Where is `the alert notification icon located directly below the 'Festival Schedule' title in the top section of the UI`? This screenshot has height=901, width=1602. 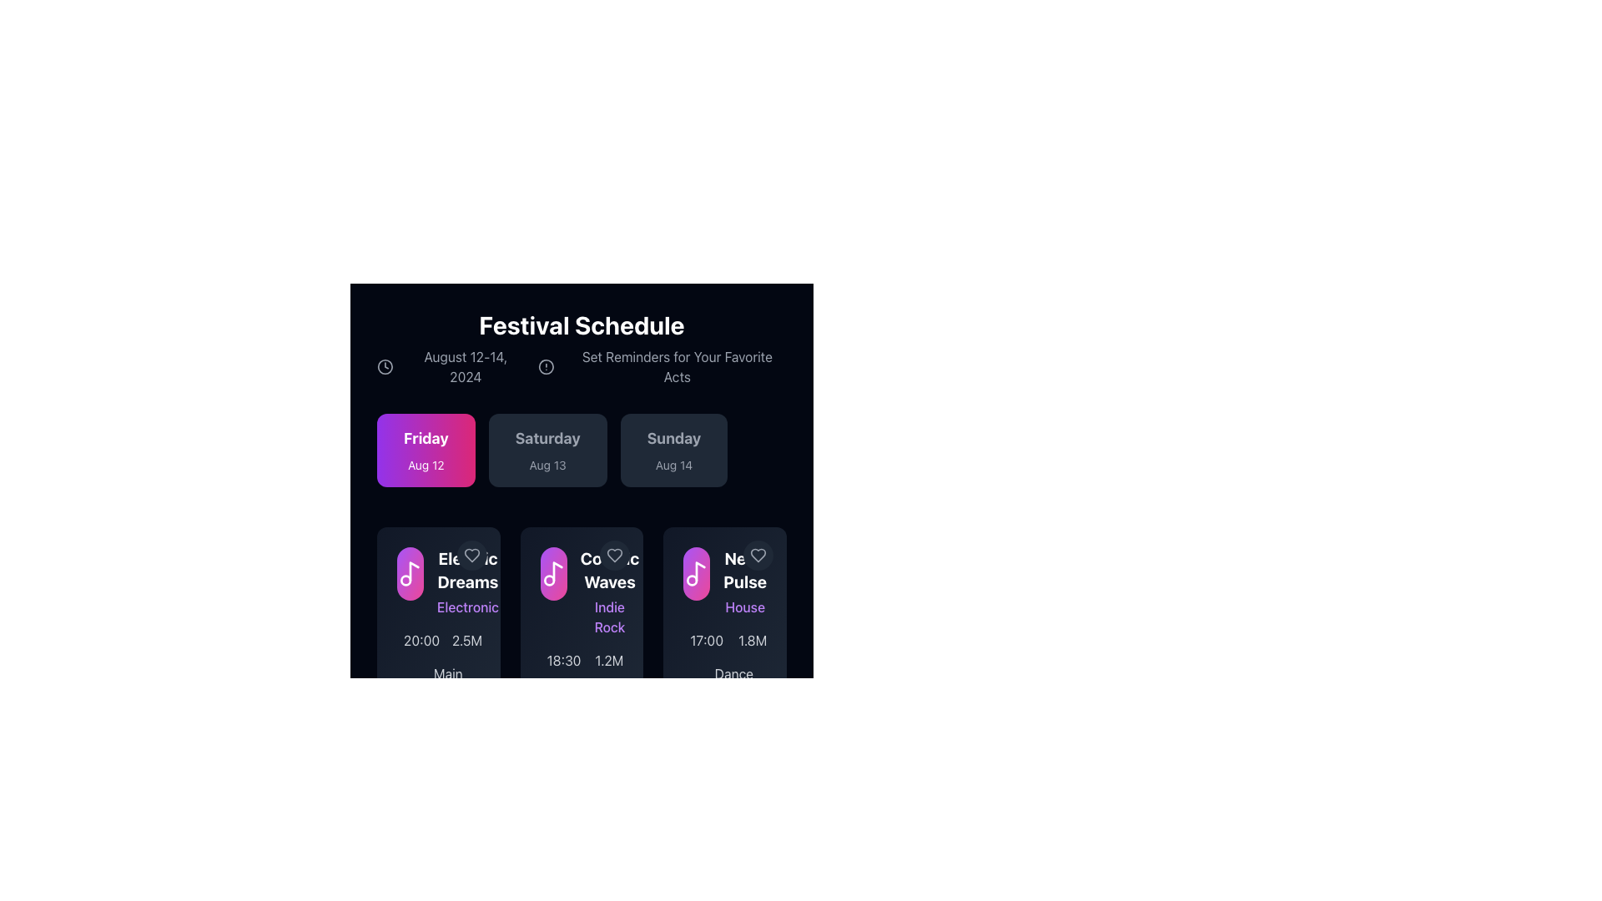 the alert notification icon located directly below the 'Festival Schedule' title in the top section of the UI is located at coordinates (546, 365).